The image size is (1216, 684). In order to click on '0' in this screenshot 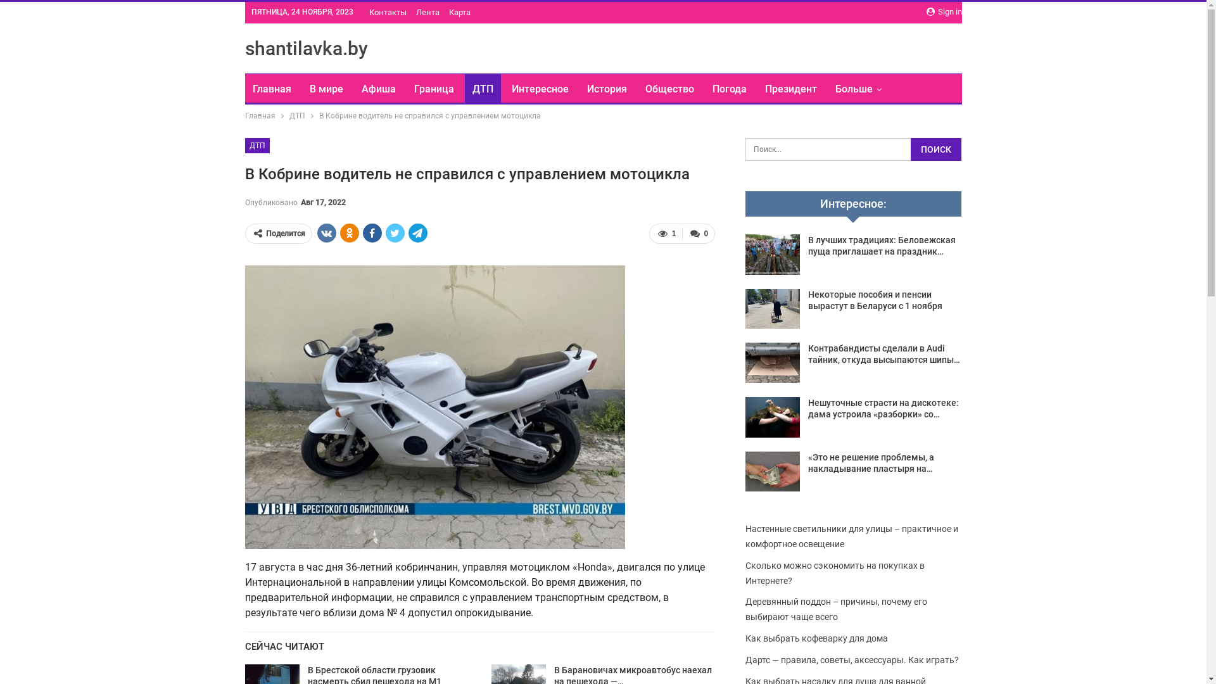, I will do `click(698, 234)`.